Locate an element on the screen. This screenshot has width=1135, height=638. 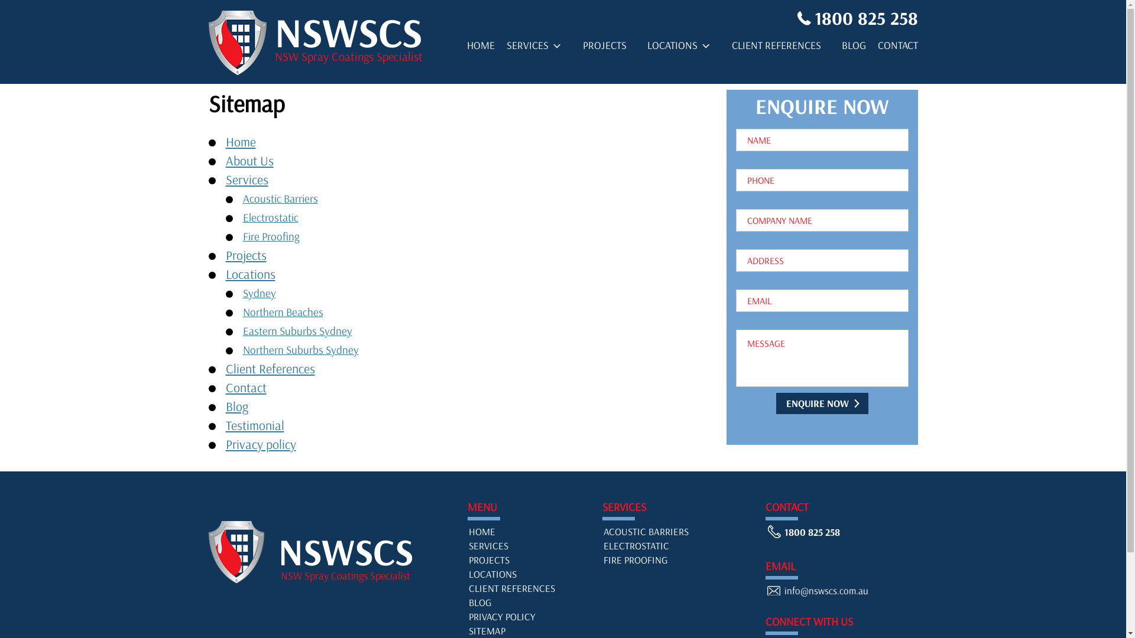
'ELECTROSTATIC' is located at coordinates (602, 545).